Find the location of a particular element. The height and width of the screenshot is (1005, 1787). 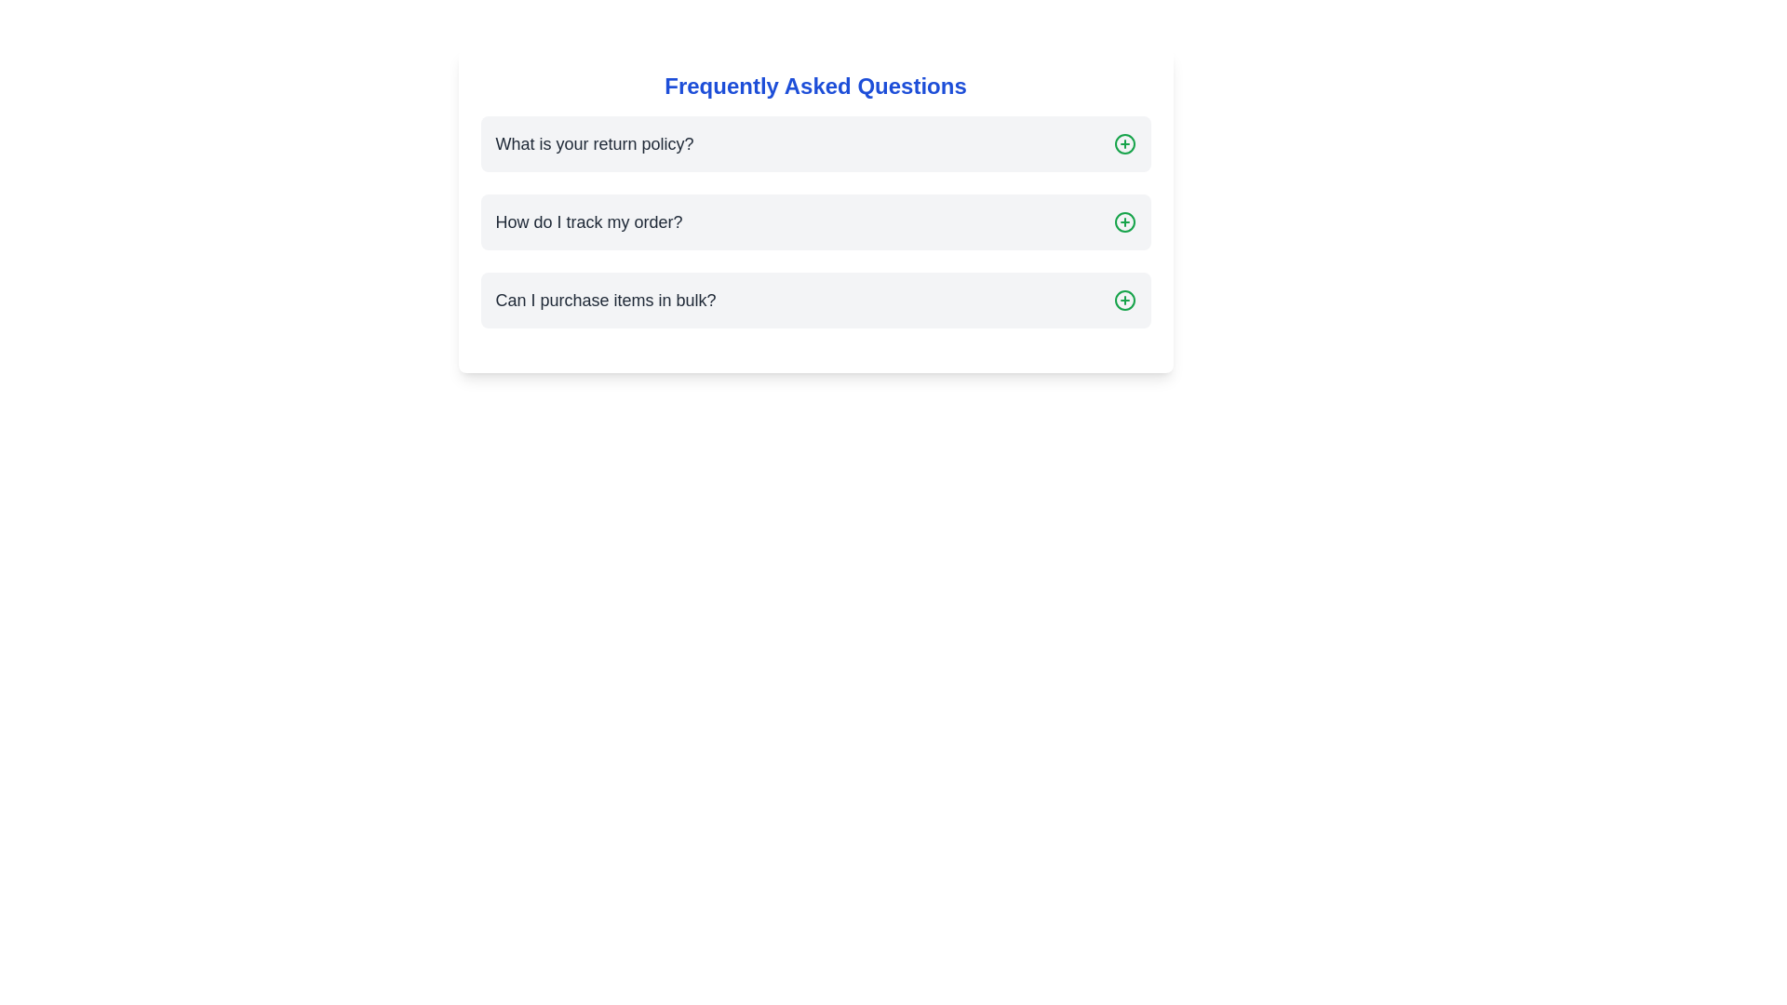

the circular graphical component with a green stroke in the SVG, located to the right of the question 'What is your return policy?' in the FAQs section is located at coordinates (1123, 142).